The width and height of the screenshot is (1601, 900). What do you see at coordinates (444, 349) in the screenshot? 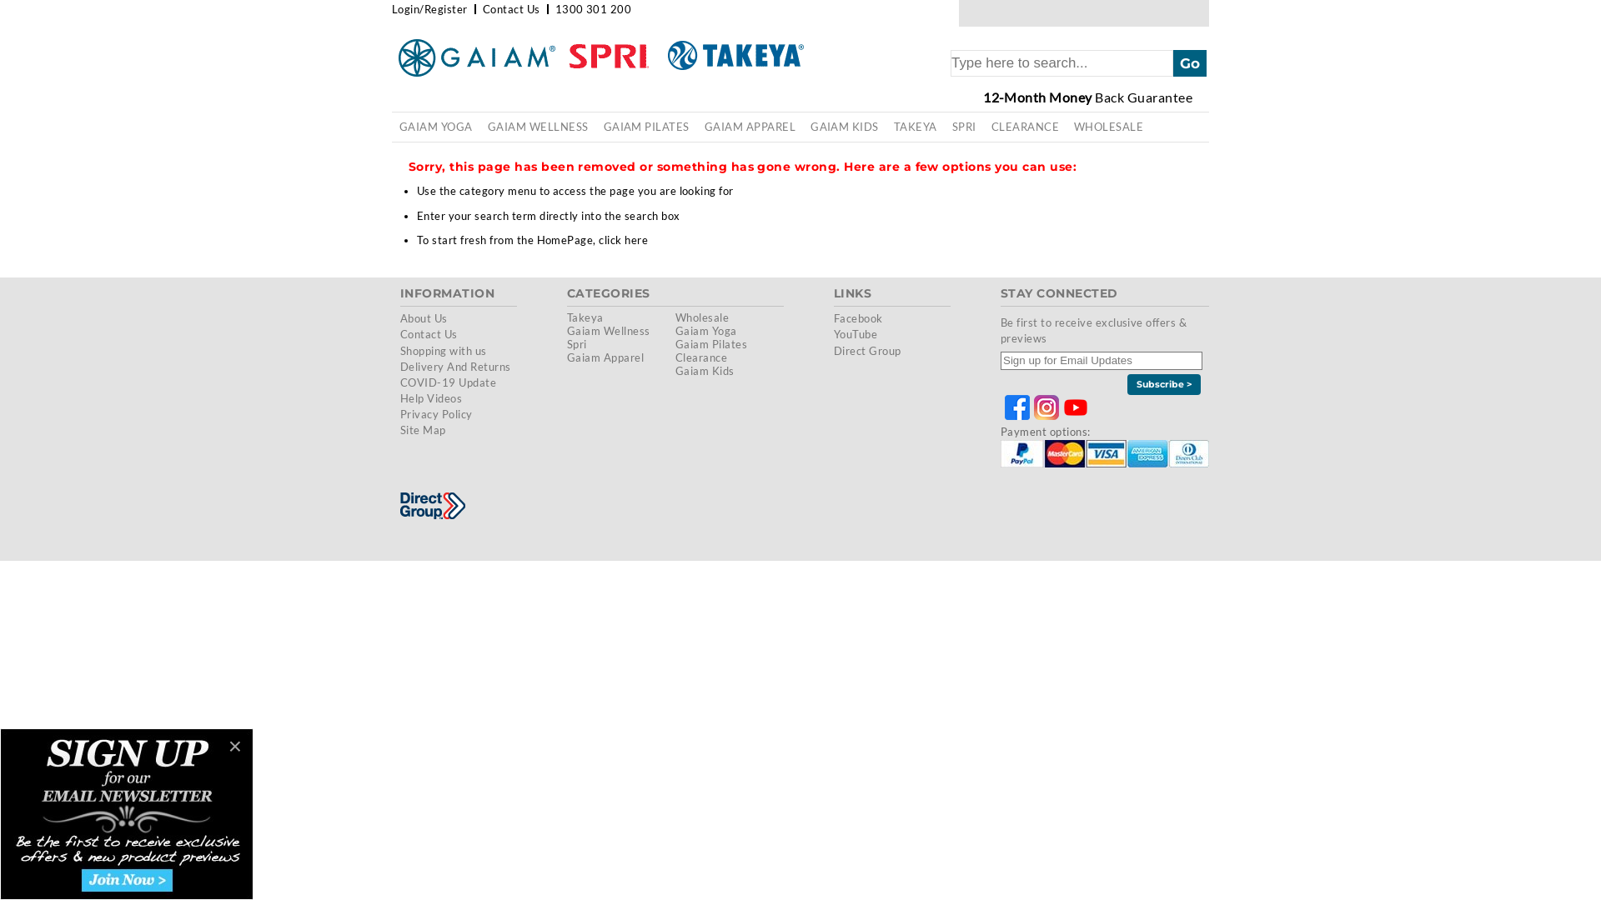
I see `'Shopping with us'` at bounding box center [444, 349].